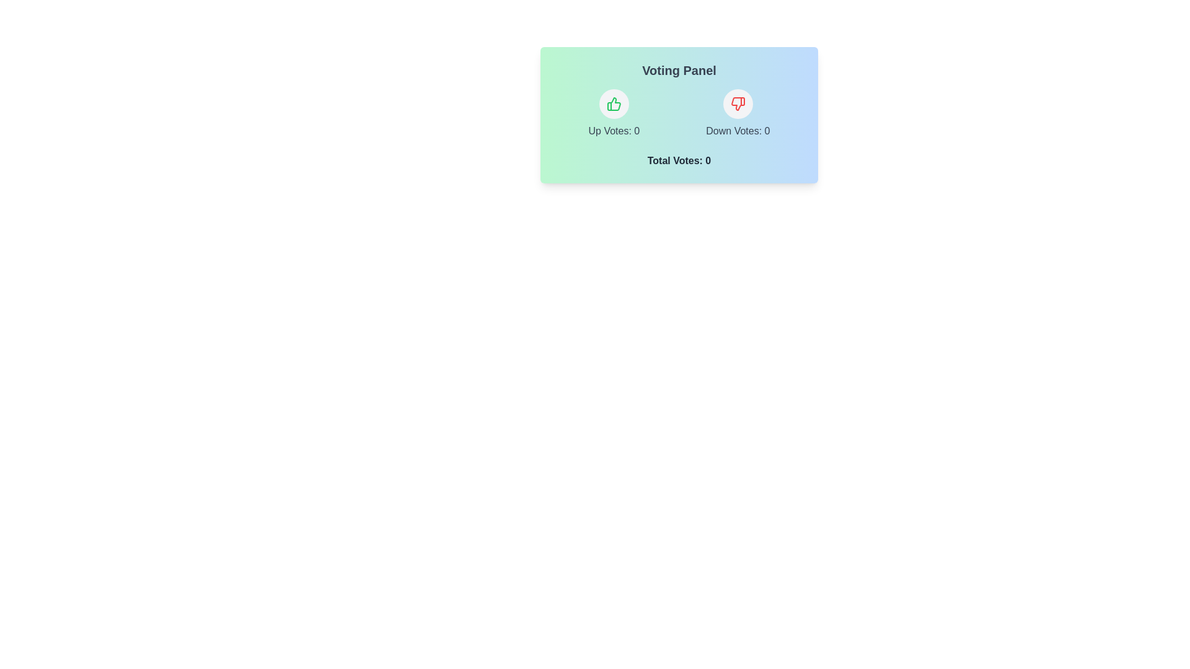  What do you see at coordinates (614, 114) in the screenshot?
I see `the interactive upvote button located on the left side of the voting panel` at bounding box center [614, 114].